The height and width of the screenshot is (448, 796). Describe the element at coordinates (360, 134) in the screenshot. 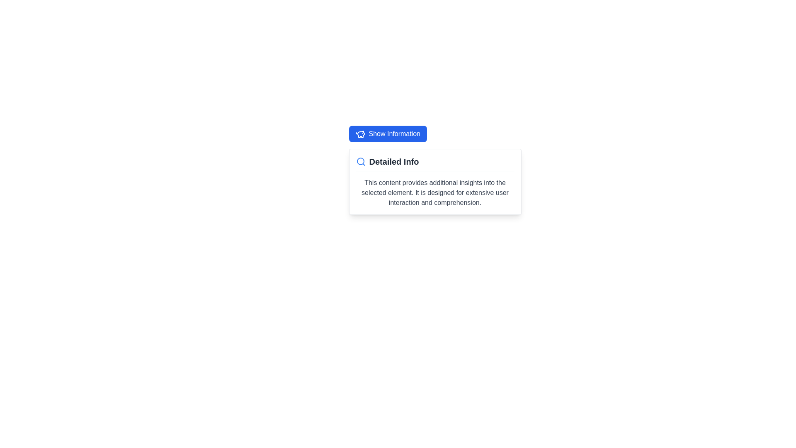

I see `piggy bank icon located to the left of the 'Show Information' button, which has a blue background and white stroke outline` at that location.